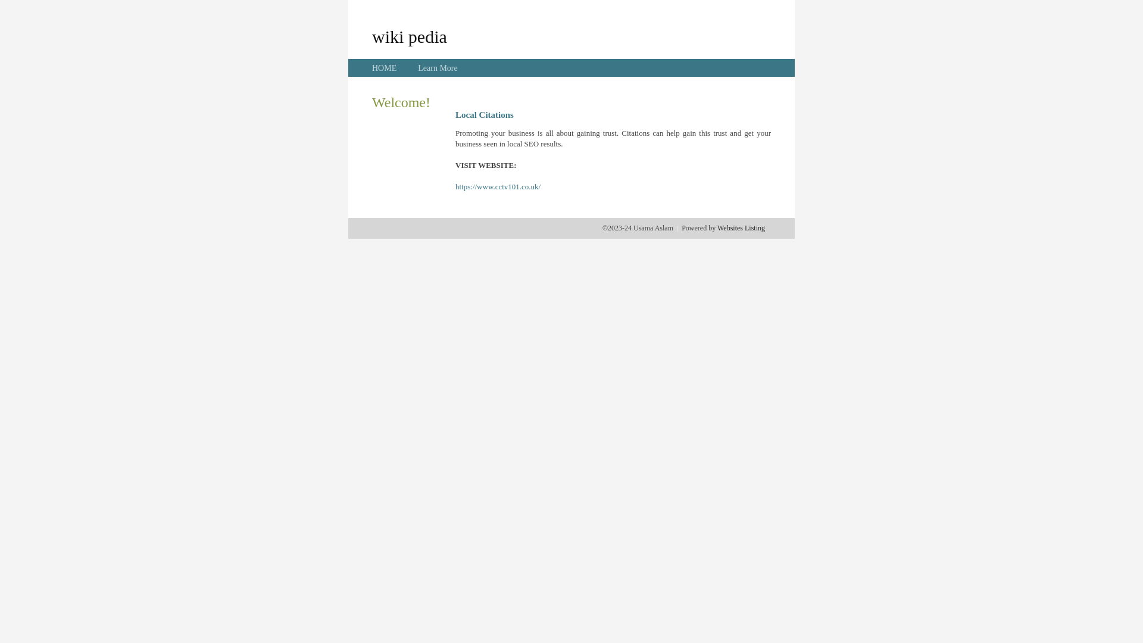  Describe the element at coordinates (409, 36) in the screenshot. I see `'wiki pedia'` at that location.